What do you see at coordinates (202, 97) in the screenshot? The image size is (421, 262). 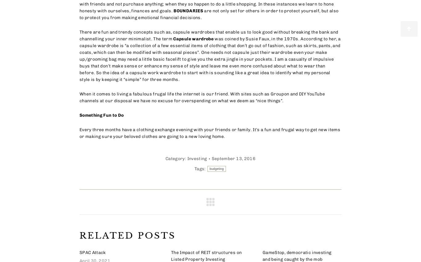 I see `'When it comes to living a fabulous frugal life the internet is our friend. With sites such as Groupon and DIY YouTube channels at our disposal we have no excuse for overspending on what we deem as “nice things”.'` at bounding box center [202, 97].